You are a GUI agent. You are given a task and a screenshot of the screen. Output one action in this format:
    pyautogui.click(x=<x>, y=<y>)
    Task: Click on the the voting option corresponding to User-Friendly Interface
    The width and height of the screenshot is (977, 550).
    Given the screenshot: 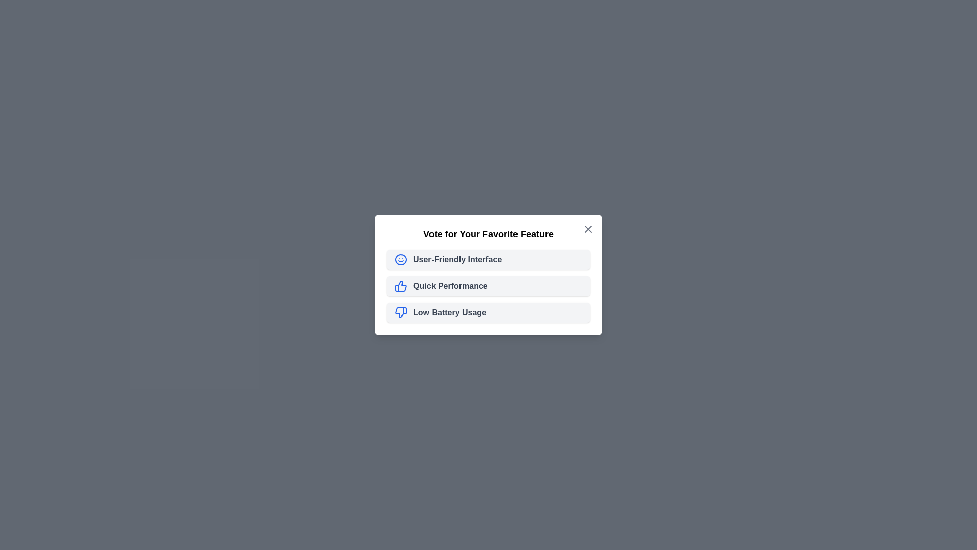 What is the action you would take?
    pyautogui.click(x=489, y=259)
    